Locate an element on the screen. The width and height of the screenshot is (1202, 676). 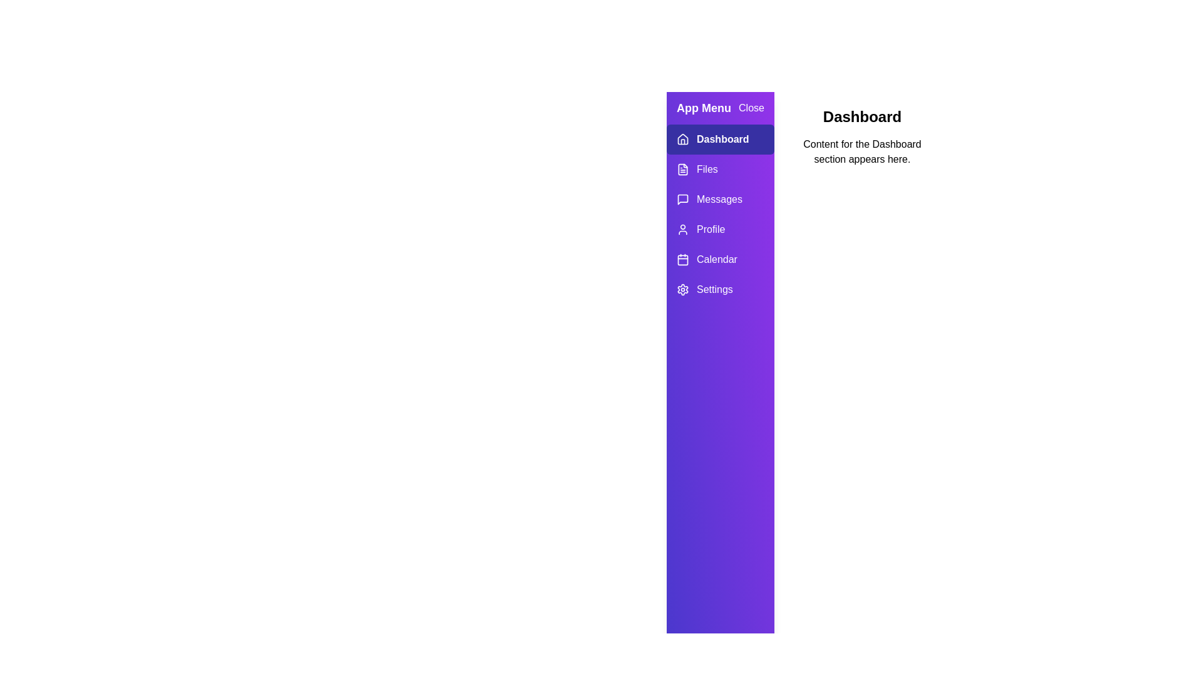
the tab labeled Calendar in the drawer is located at coordinates (721, 259).